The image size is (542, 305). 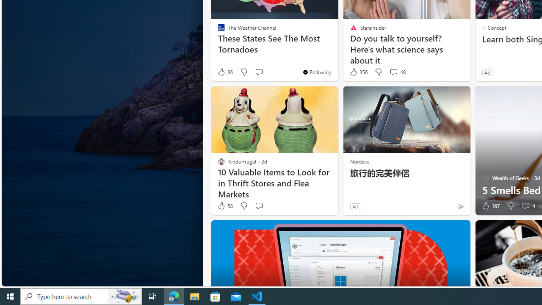 What do you see at coordinates (225, 206) in the screenshot?
I see `'58 Like'` at bounding box center [225, 206].